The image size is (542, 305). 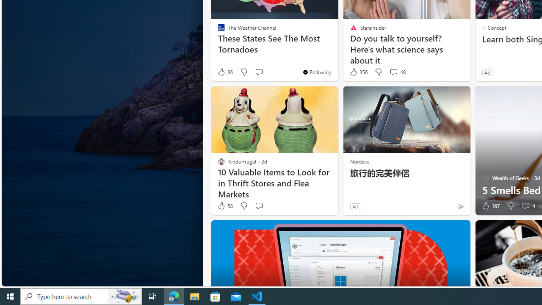 What do you see at coordinates (225, 206) in the screenshot?
I see `'58 Like'` at bounding box center [225, 206].